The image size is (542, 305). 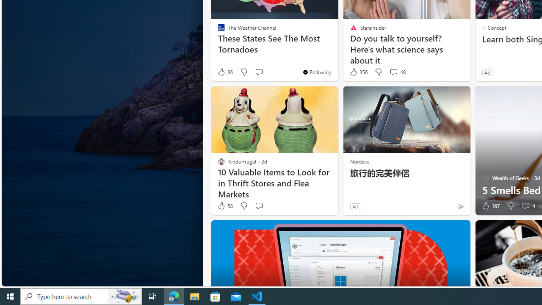 What do you see at coordinates (225, 206) in the screenshot?
I see `'58 Like'` at bounding box center [225, 206].